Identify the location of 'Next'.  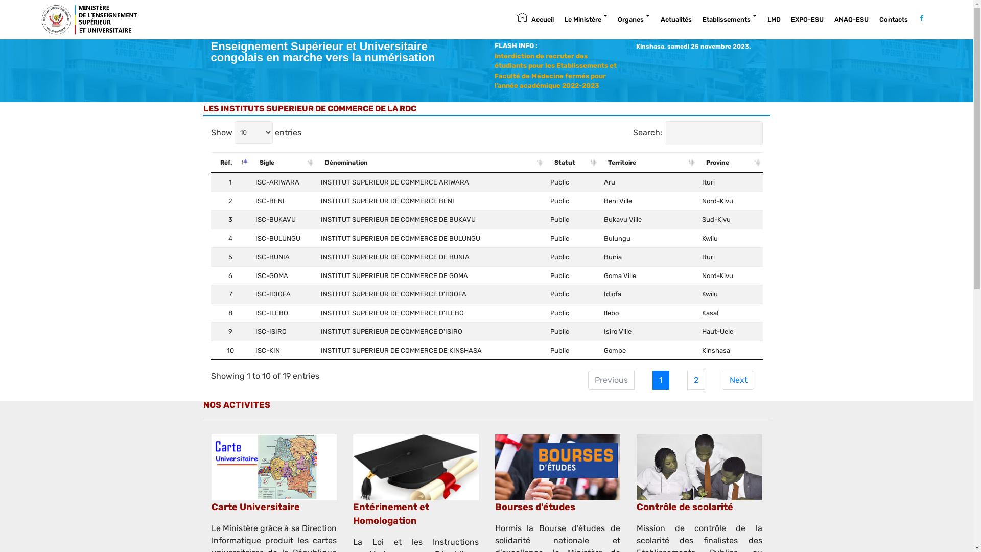
(738, 380).